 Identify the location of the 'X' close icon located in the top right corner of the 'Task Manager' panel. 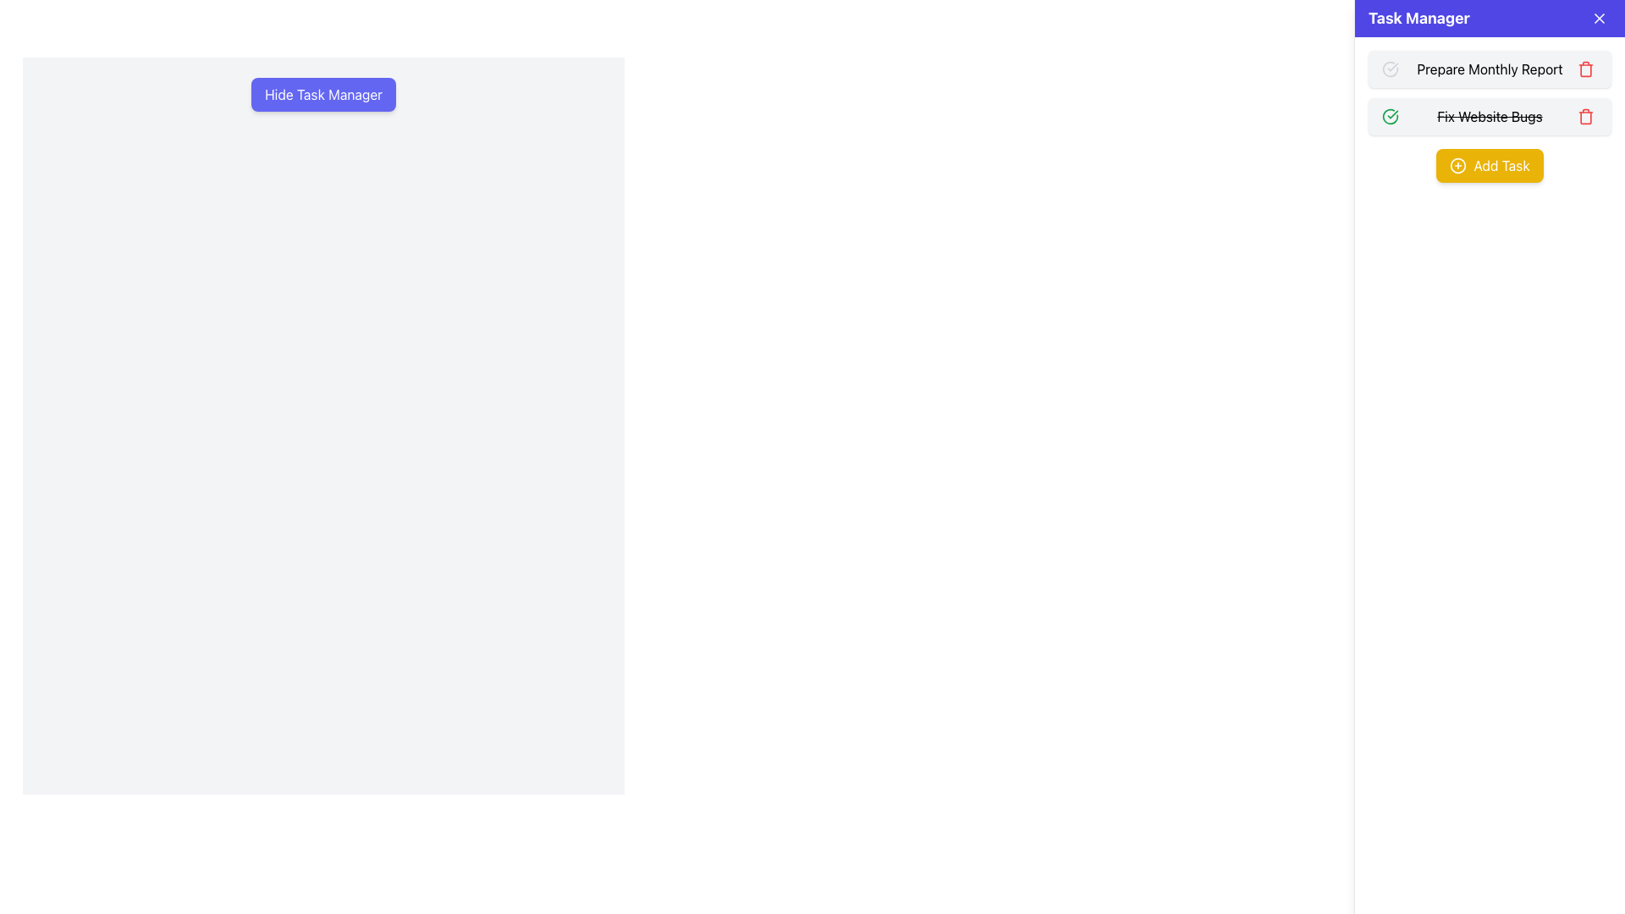
(1599, 19).